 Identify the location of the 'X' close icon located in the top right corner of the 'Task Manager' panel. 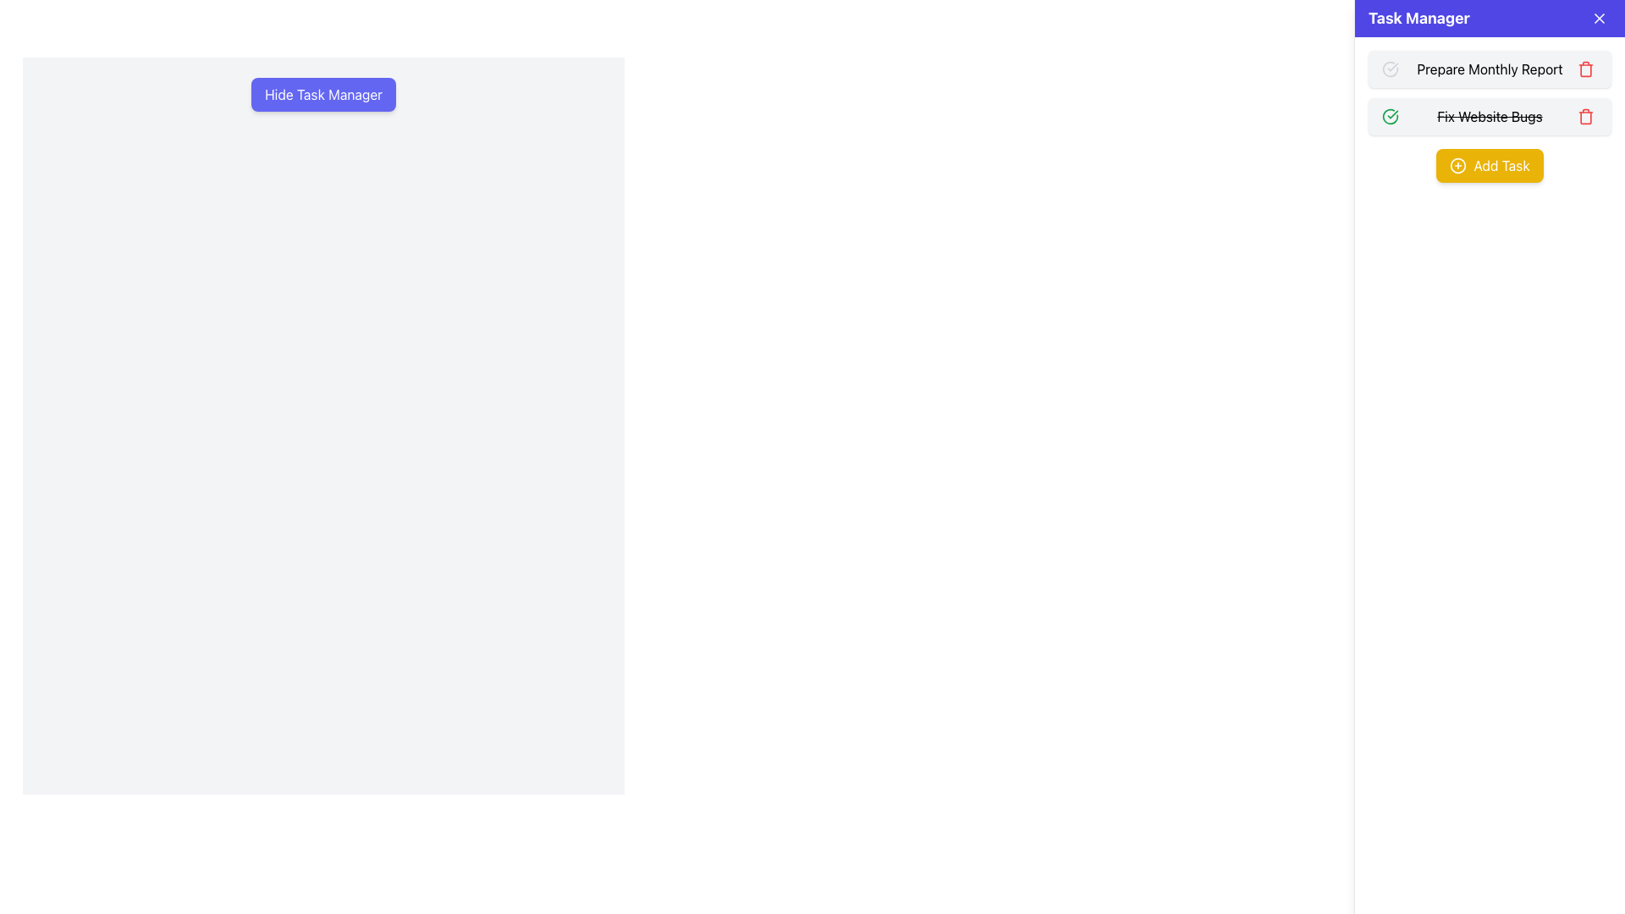
(1599, 19).